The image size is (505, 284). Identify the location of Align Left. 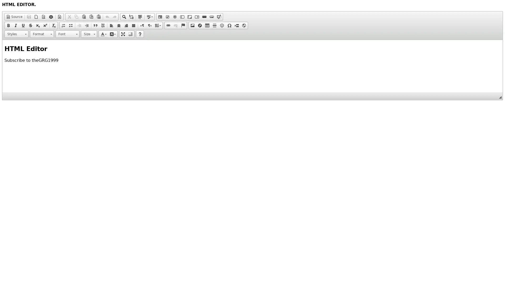
(111, 25).